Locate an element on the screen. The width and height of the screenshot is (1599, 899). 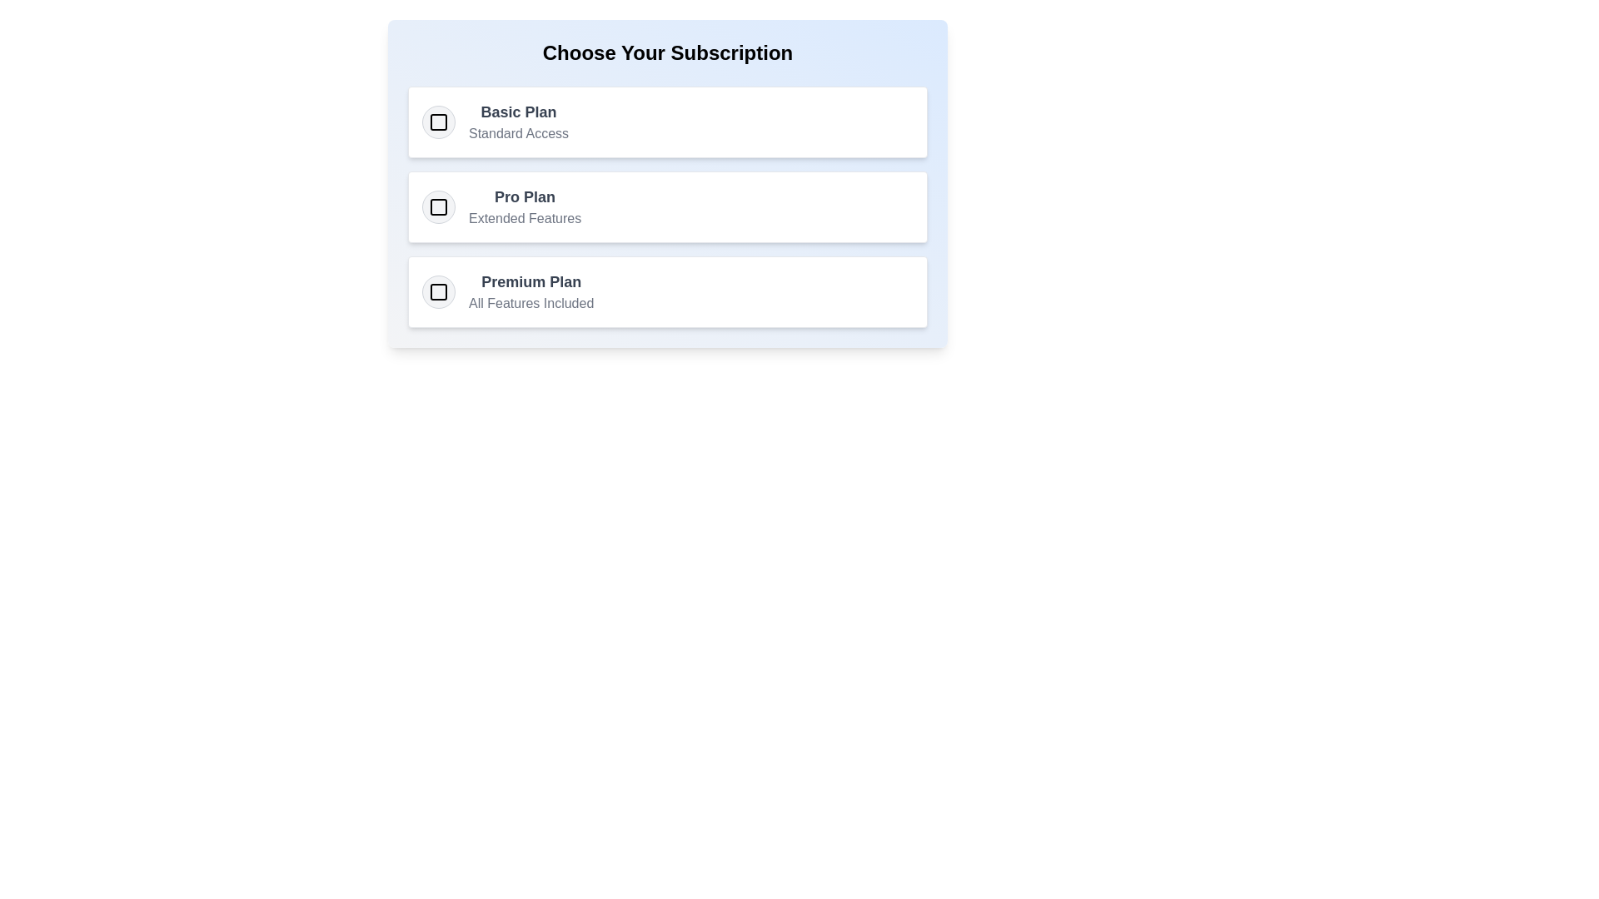
the subscription option corresponding to Basic Plan is located at coordinates (439, 121).